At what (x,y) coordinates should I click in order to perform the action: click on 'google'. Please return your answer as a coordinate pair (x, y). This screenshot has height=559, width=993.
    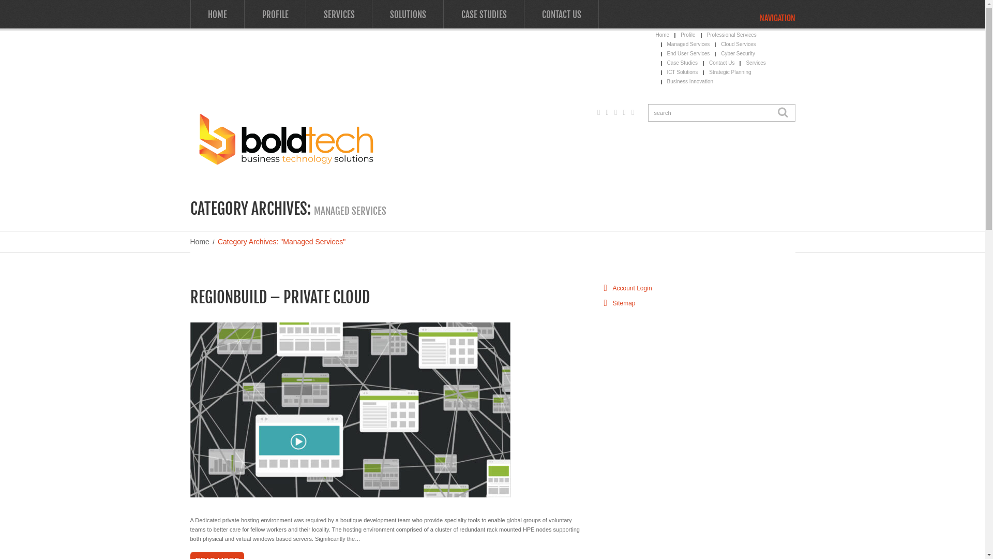
    Looking at the image, I should click on (597, 112).